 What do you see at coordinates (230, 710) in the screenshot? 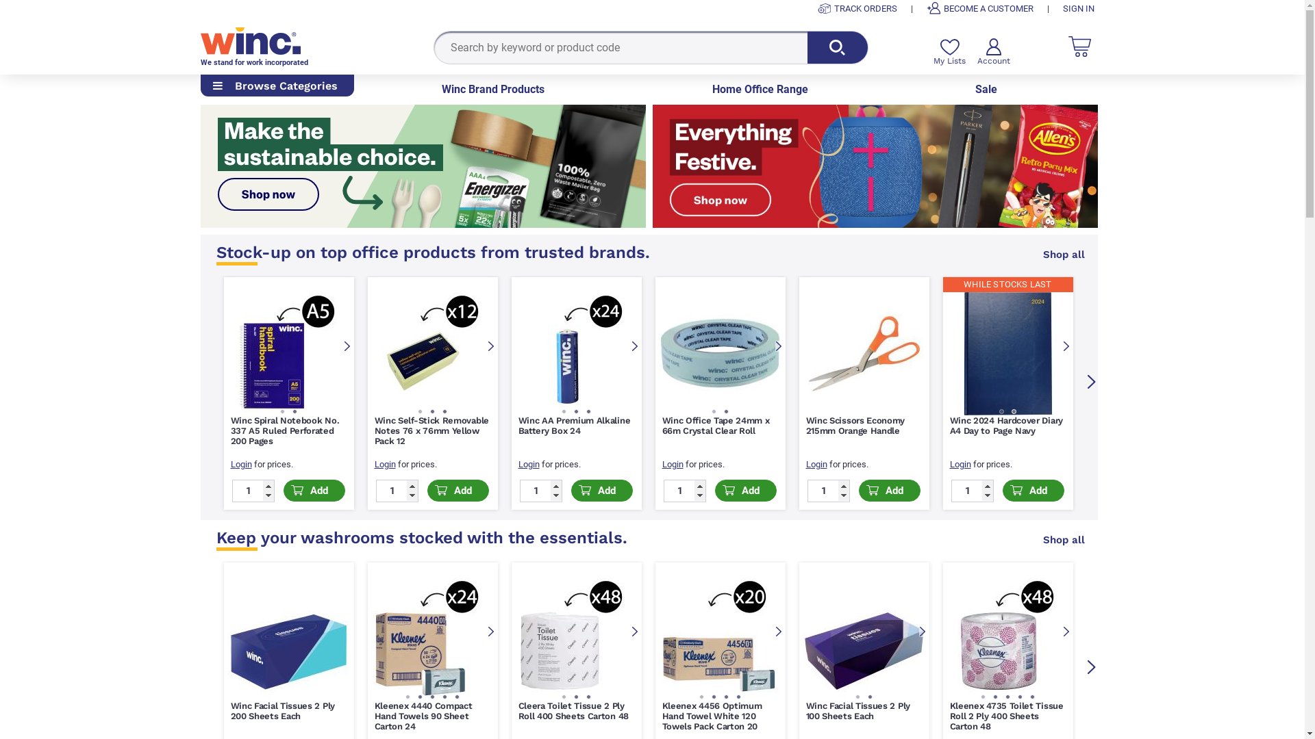
I see `'Winc Facial Tissues 2 Ply 200 Sheets Each'` at bounding box center [230, 710].